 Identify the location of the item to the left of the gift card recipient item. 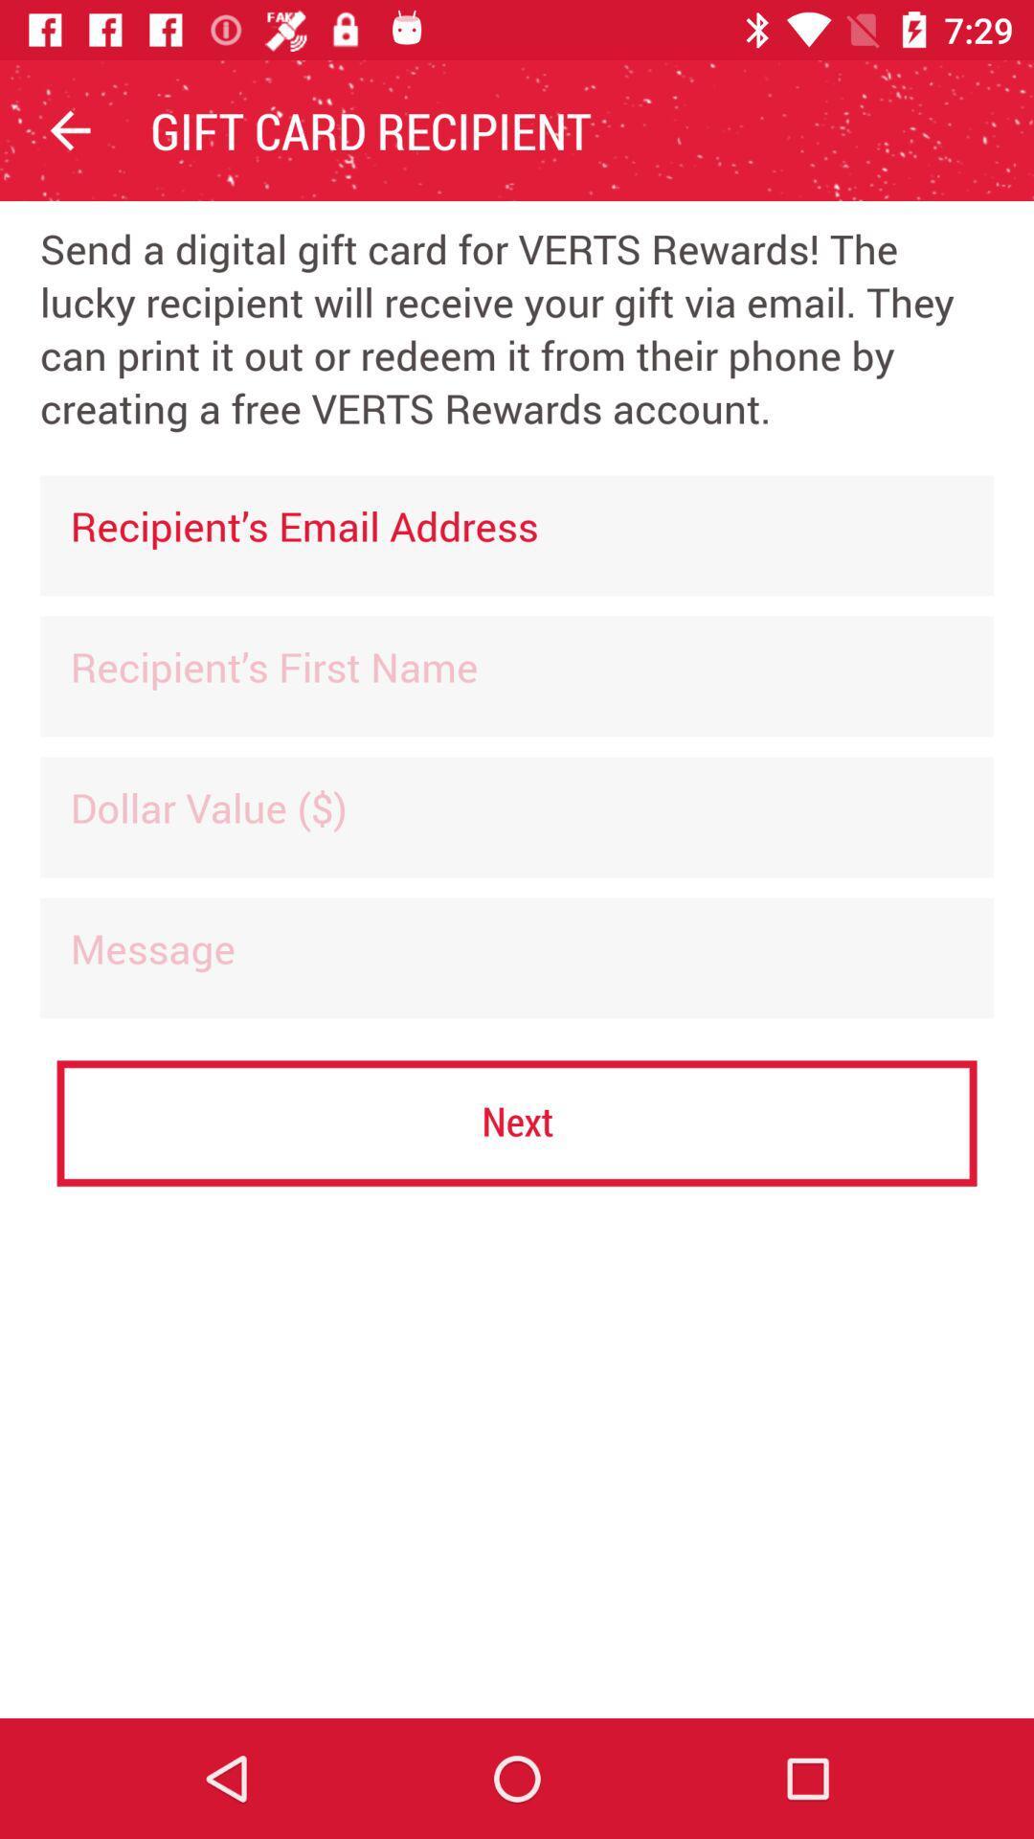
(69, 129).